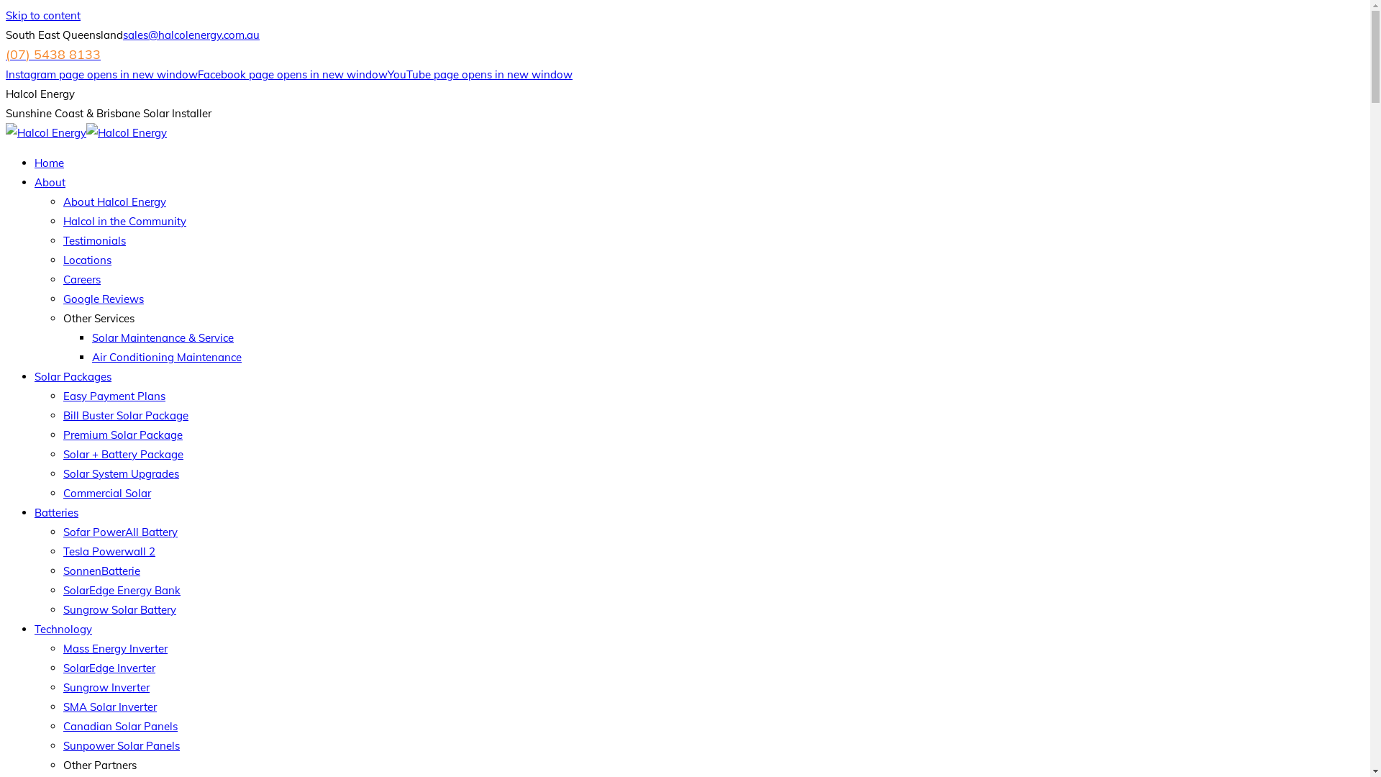 Image resolution: width=1381 pixels, height=777 pixels. I want to click on 'Mass Energy Inverter', so click(62, 648).